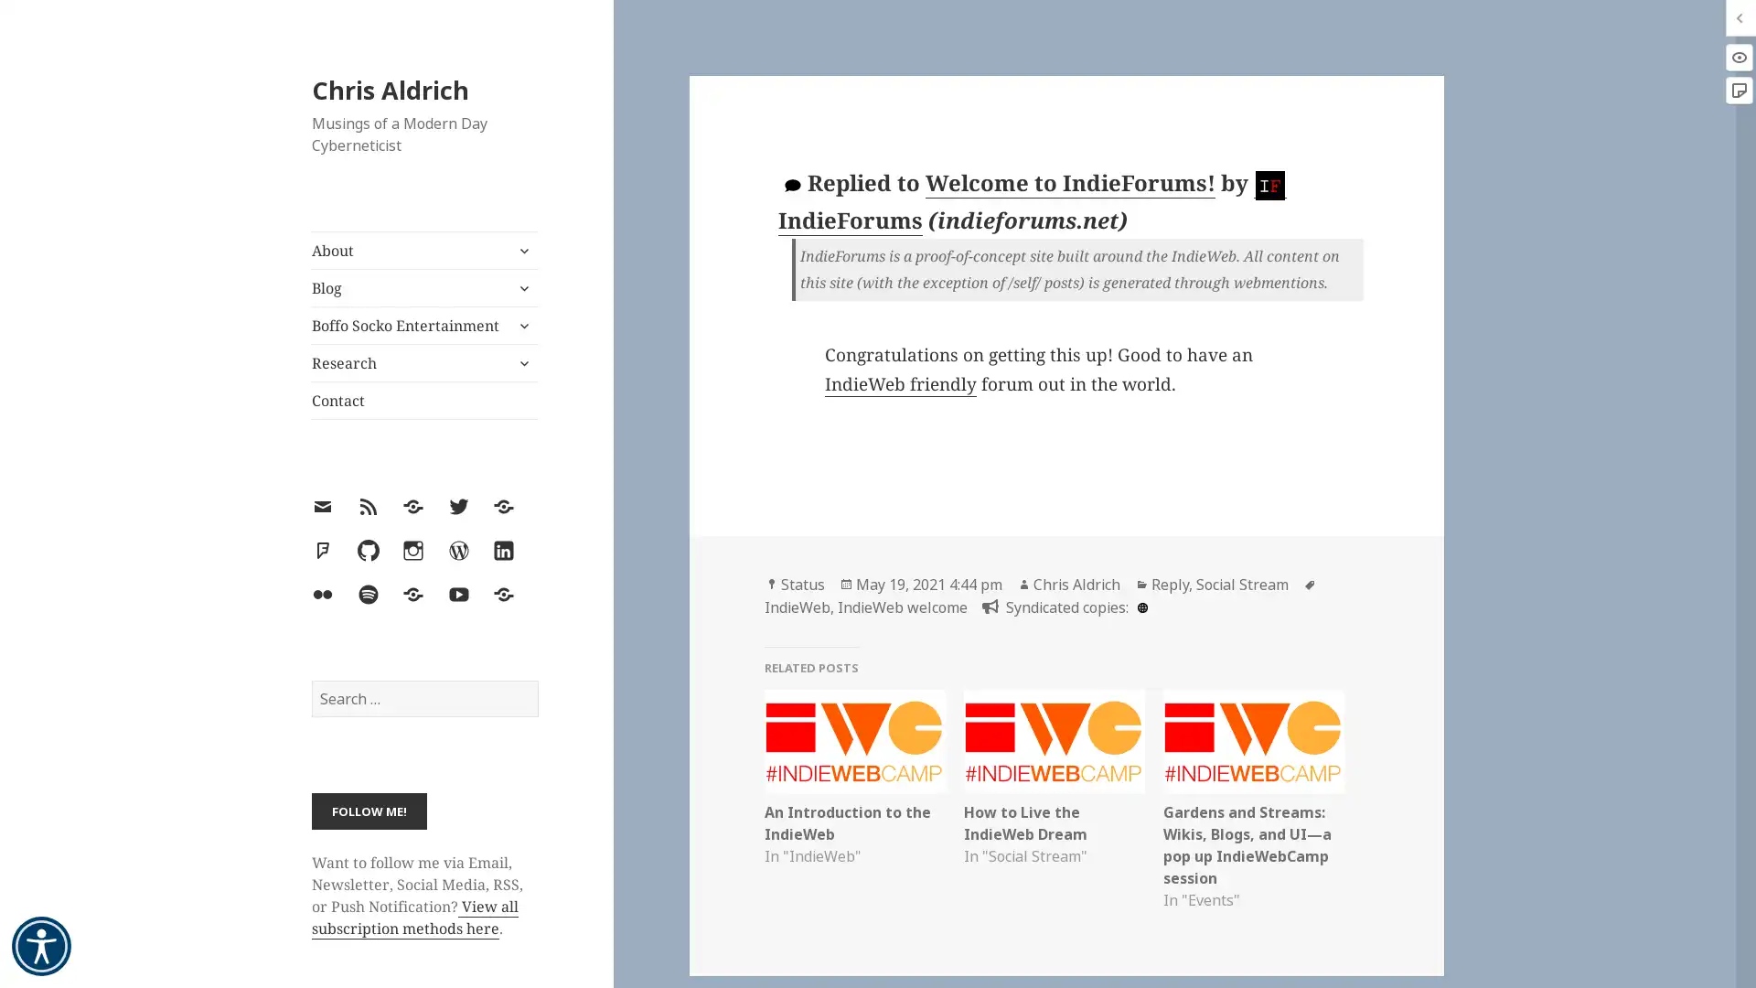 Image resolution: width=1756 pixels, height=988 pixels. What do you see at coordinates (536, 680) in the screenshot?
I see `Search` at bounding box center [536, 680].